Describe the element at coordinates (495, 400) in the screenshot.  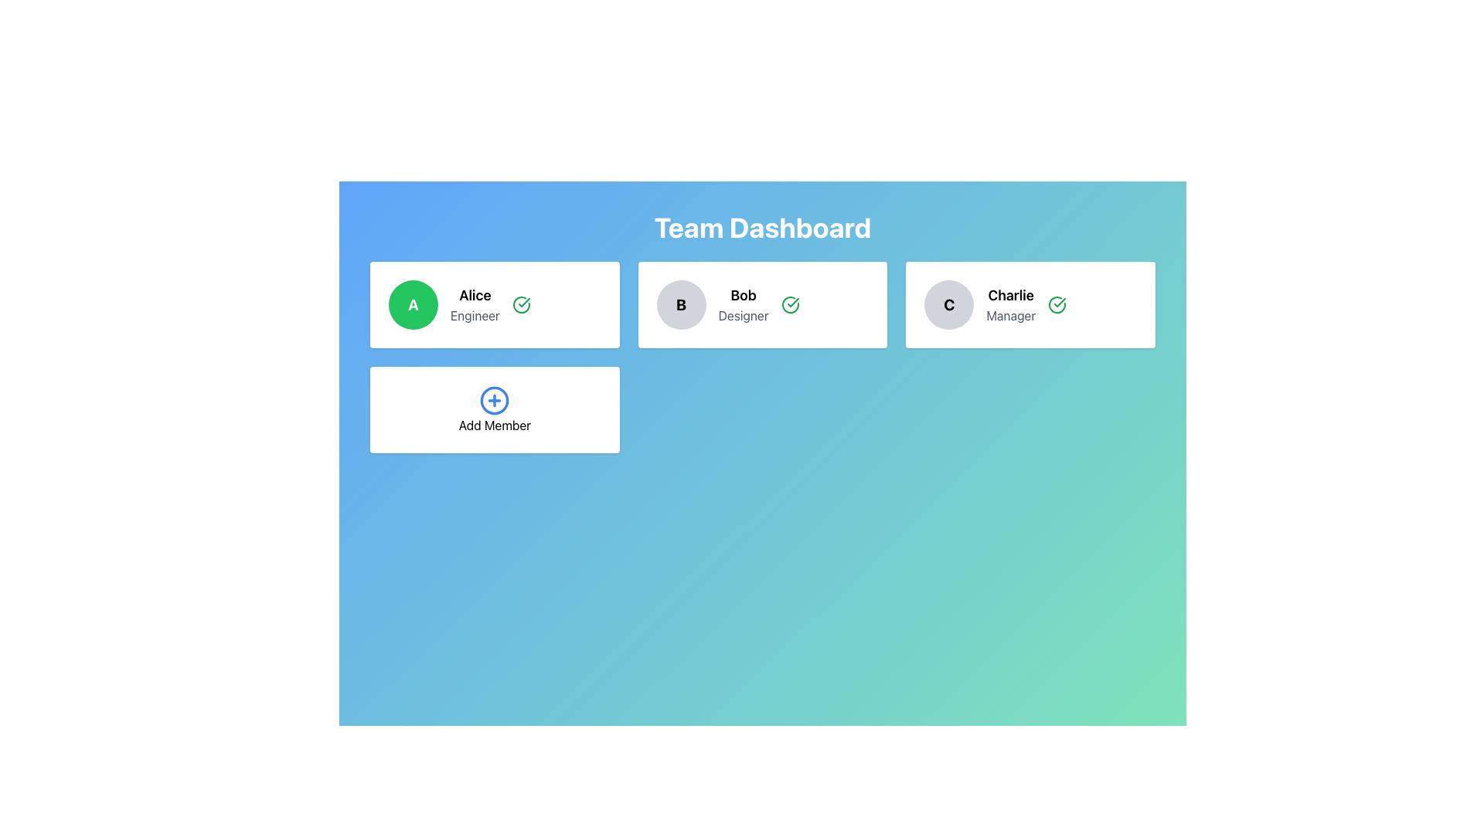
I see `the inner SVG Circle which is part of the 'Add Member' icon located at the center of the button on the dashboard` at that location.